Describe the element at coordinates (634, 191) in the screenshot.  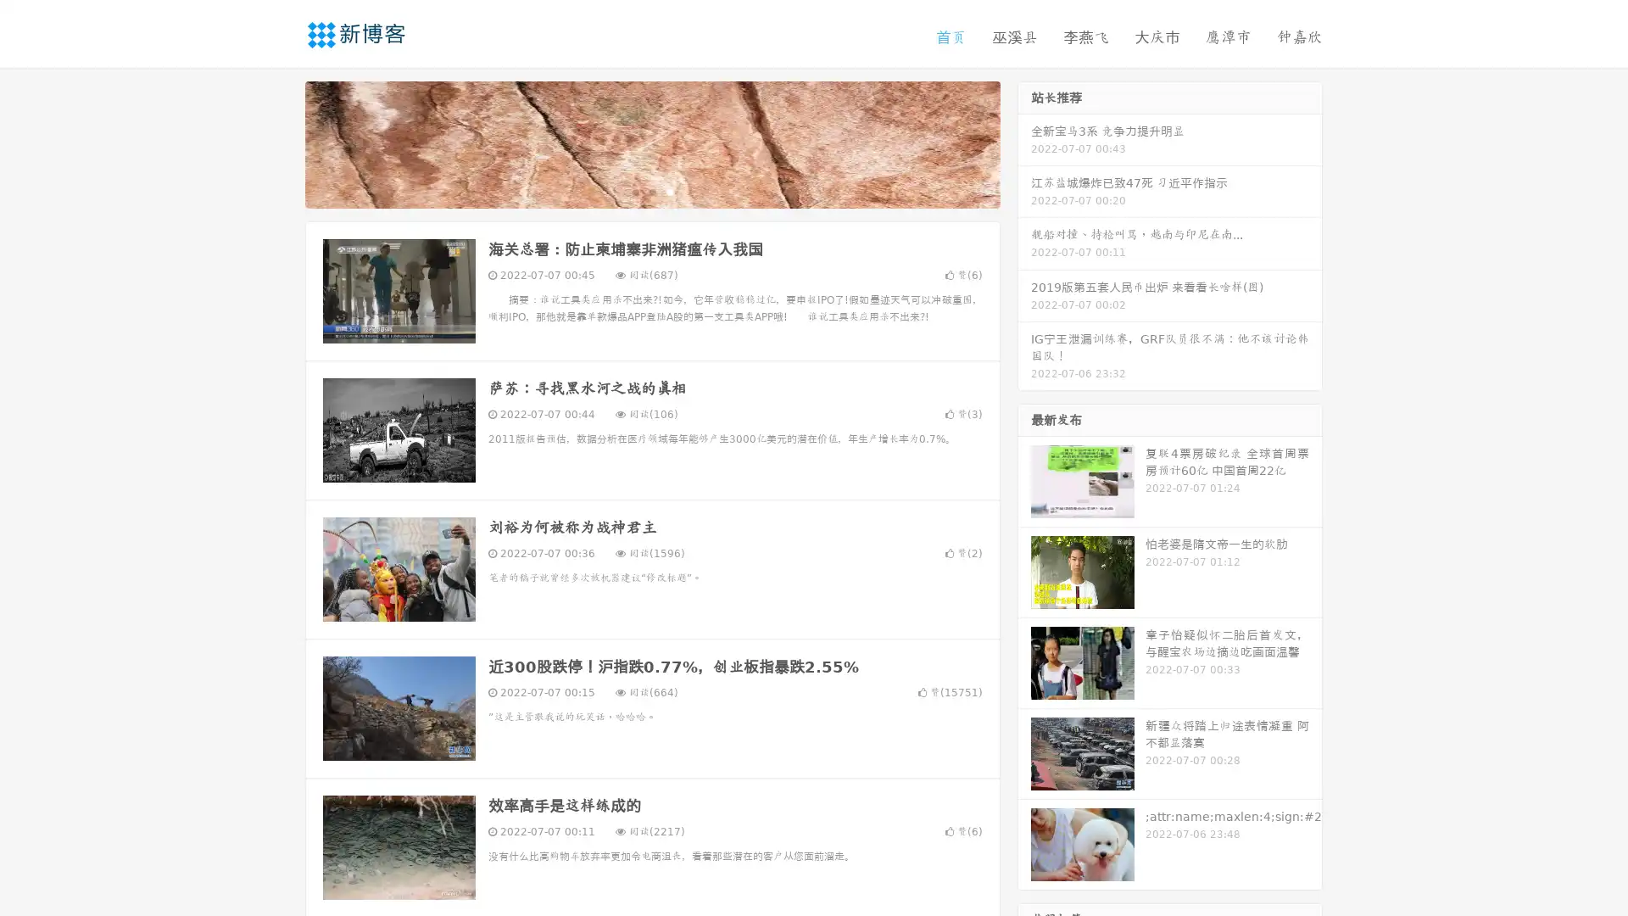
I see `Go to slide 1` at that location.